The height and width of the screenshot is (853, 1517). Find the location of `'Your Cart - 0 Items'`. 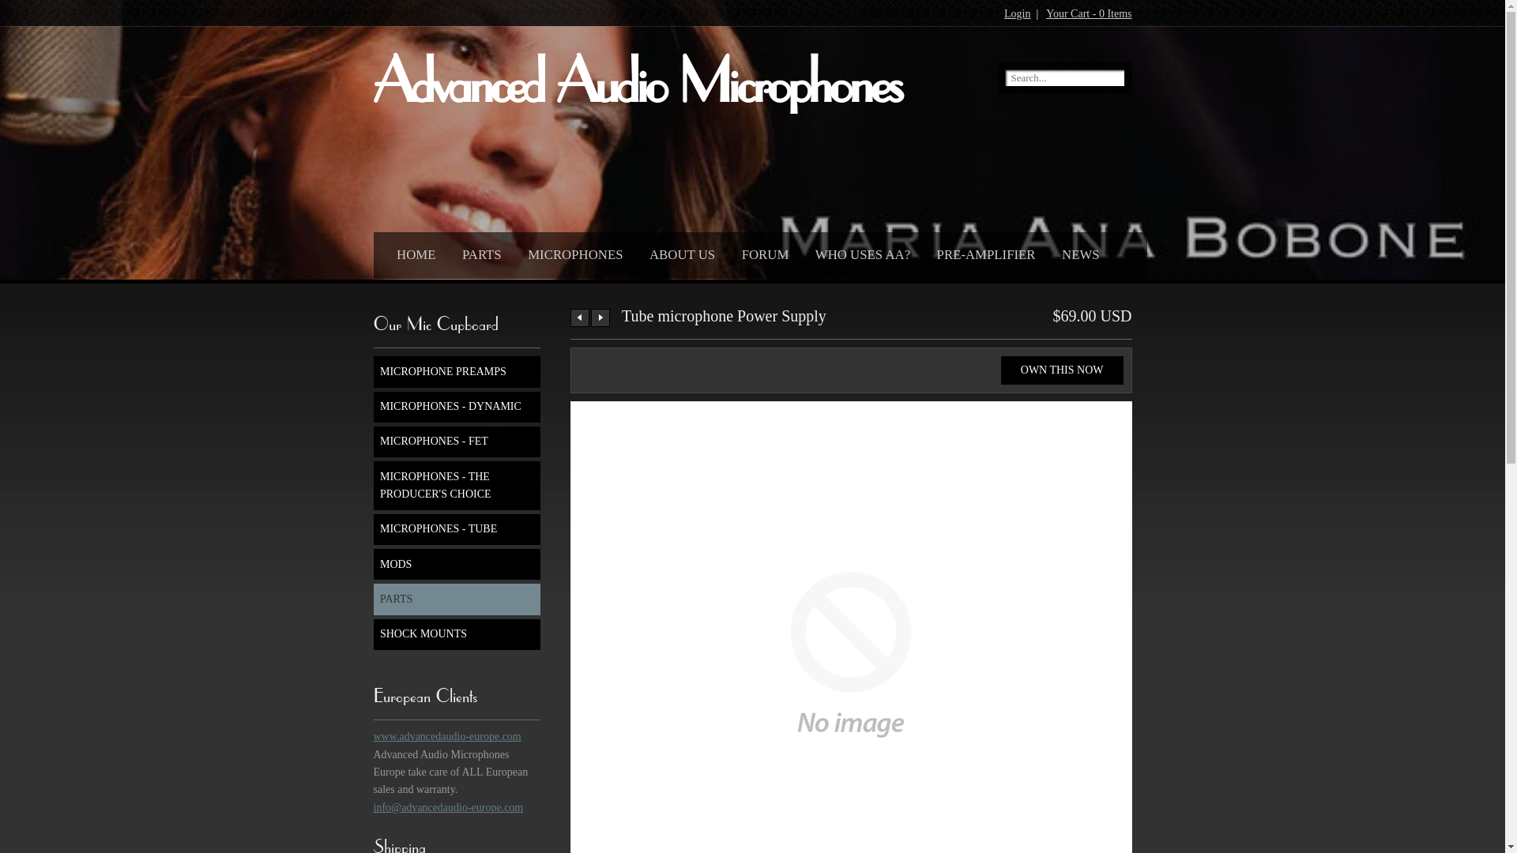

'Your Cart - 0 Items' is located at coordinates (1046, 13).